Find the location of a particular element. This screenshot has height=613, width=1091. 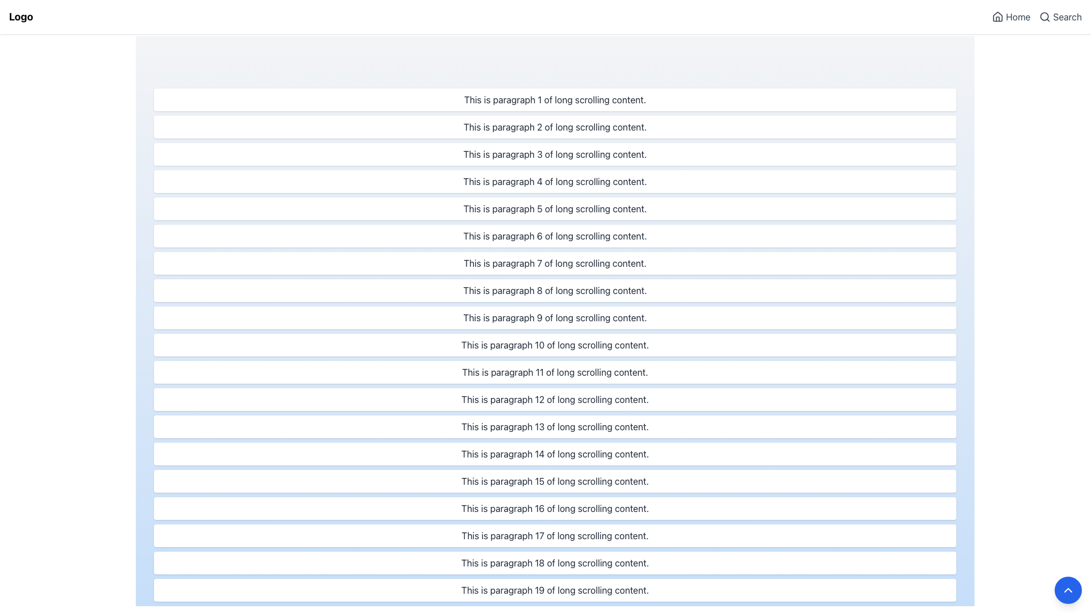

the minimalist house icon located in the top-right corner of the navigation bar is located at coordinates (997, 17).